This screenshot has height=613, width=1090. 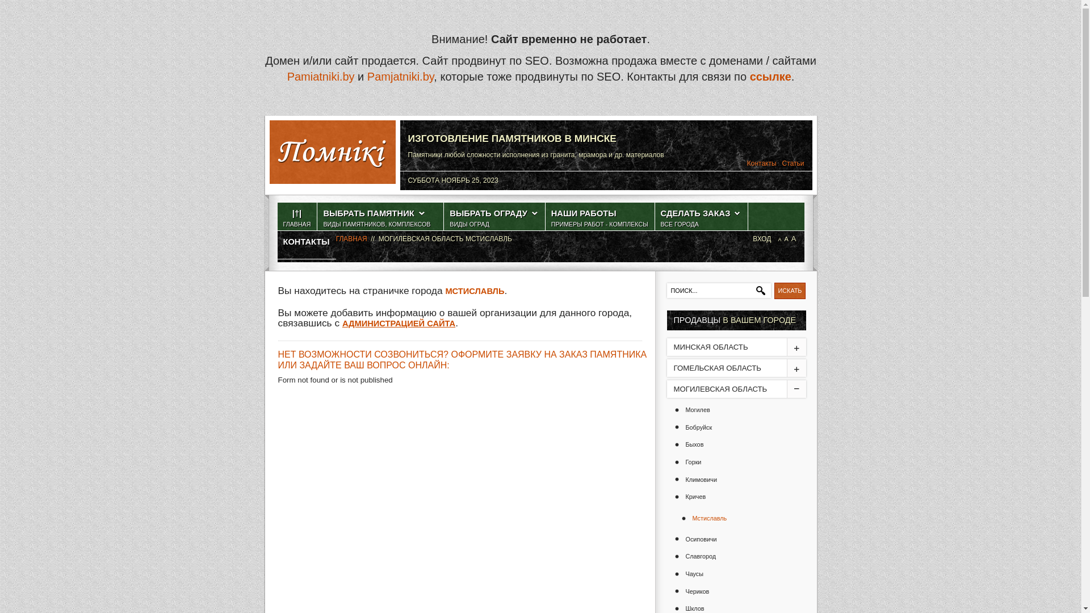 What do you see at coordinates (785, 238) in the screenshot?
I see `'A'` at bounding box center [785, 238].